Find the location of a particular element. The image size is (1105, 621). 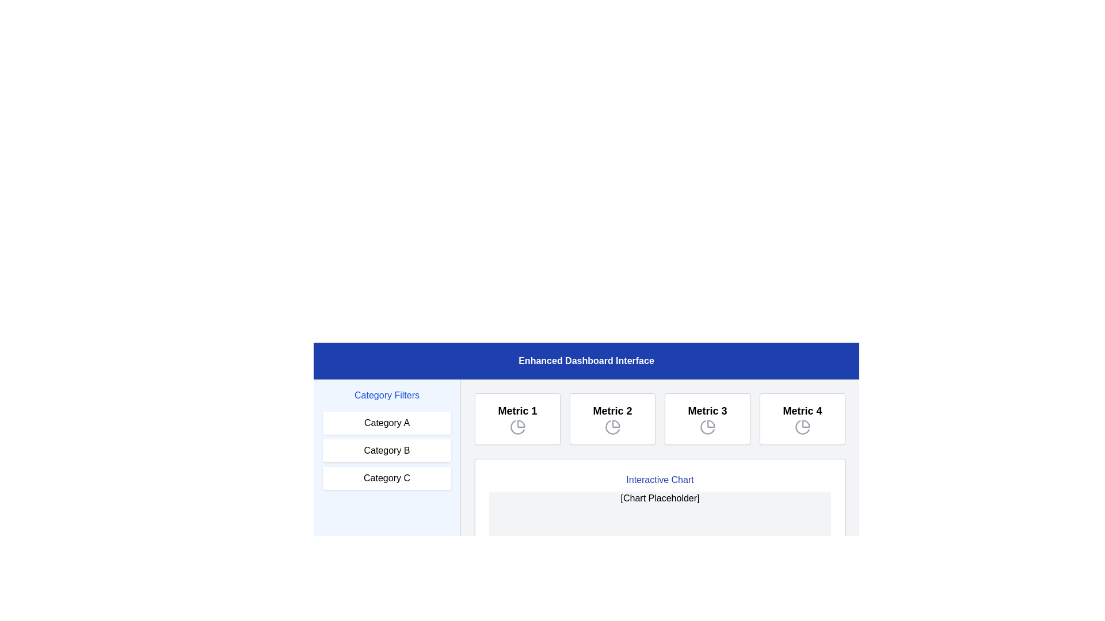

the pie chart icon representing 'Metric 1', located directly below the 'Metric 1' label in the first section of the group of metrics is located at coordinates (517, 427).